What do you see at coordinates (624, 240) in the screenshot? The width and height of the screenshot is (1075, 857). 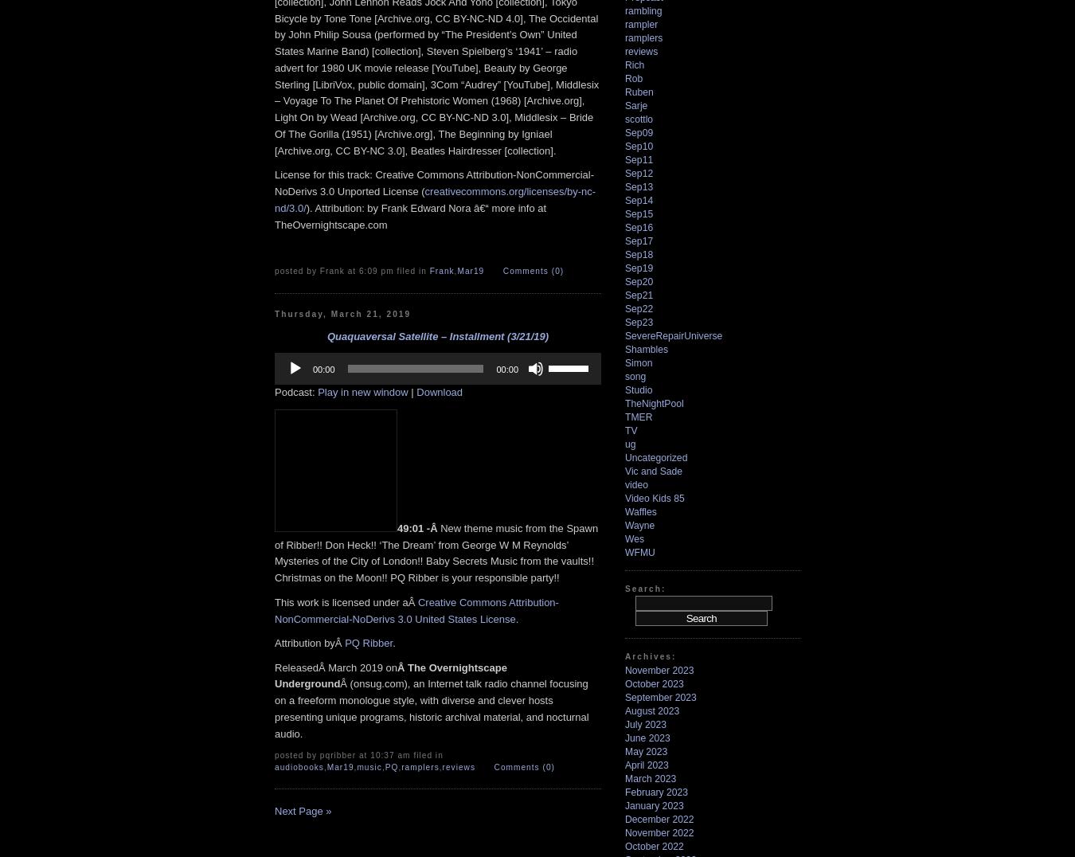 I see `'Sep17'` at bounding box center [624, 240].